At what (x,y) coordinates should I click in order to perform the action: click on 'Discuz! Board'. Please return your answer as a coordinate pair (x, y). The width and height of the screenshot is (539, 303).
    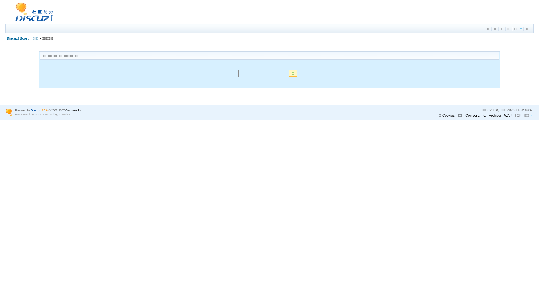
    Looking at the image, I should click on (5, 21).